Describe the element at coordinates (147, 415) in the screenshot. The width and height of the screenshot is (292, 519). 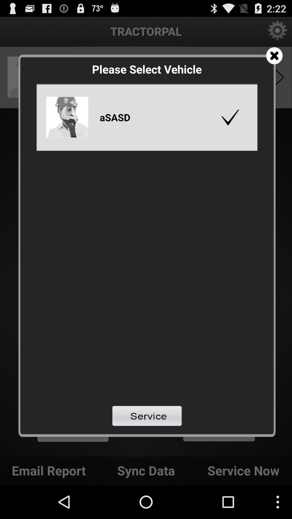
I see `click for service` at that location.